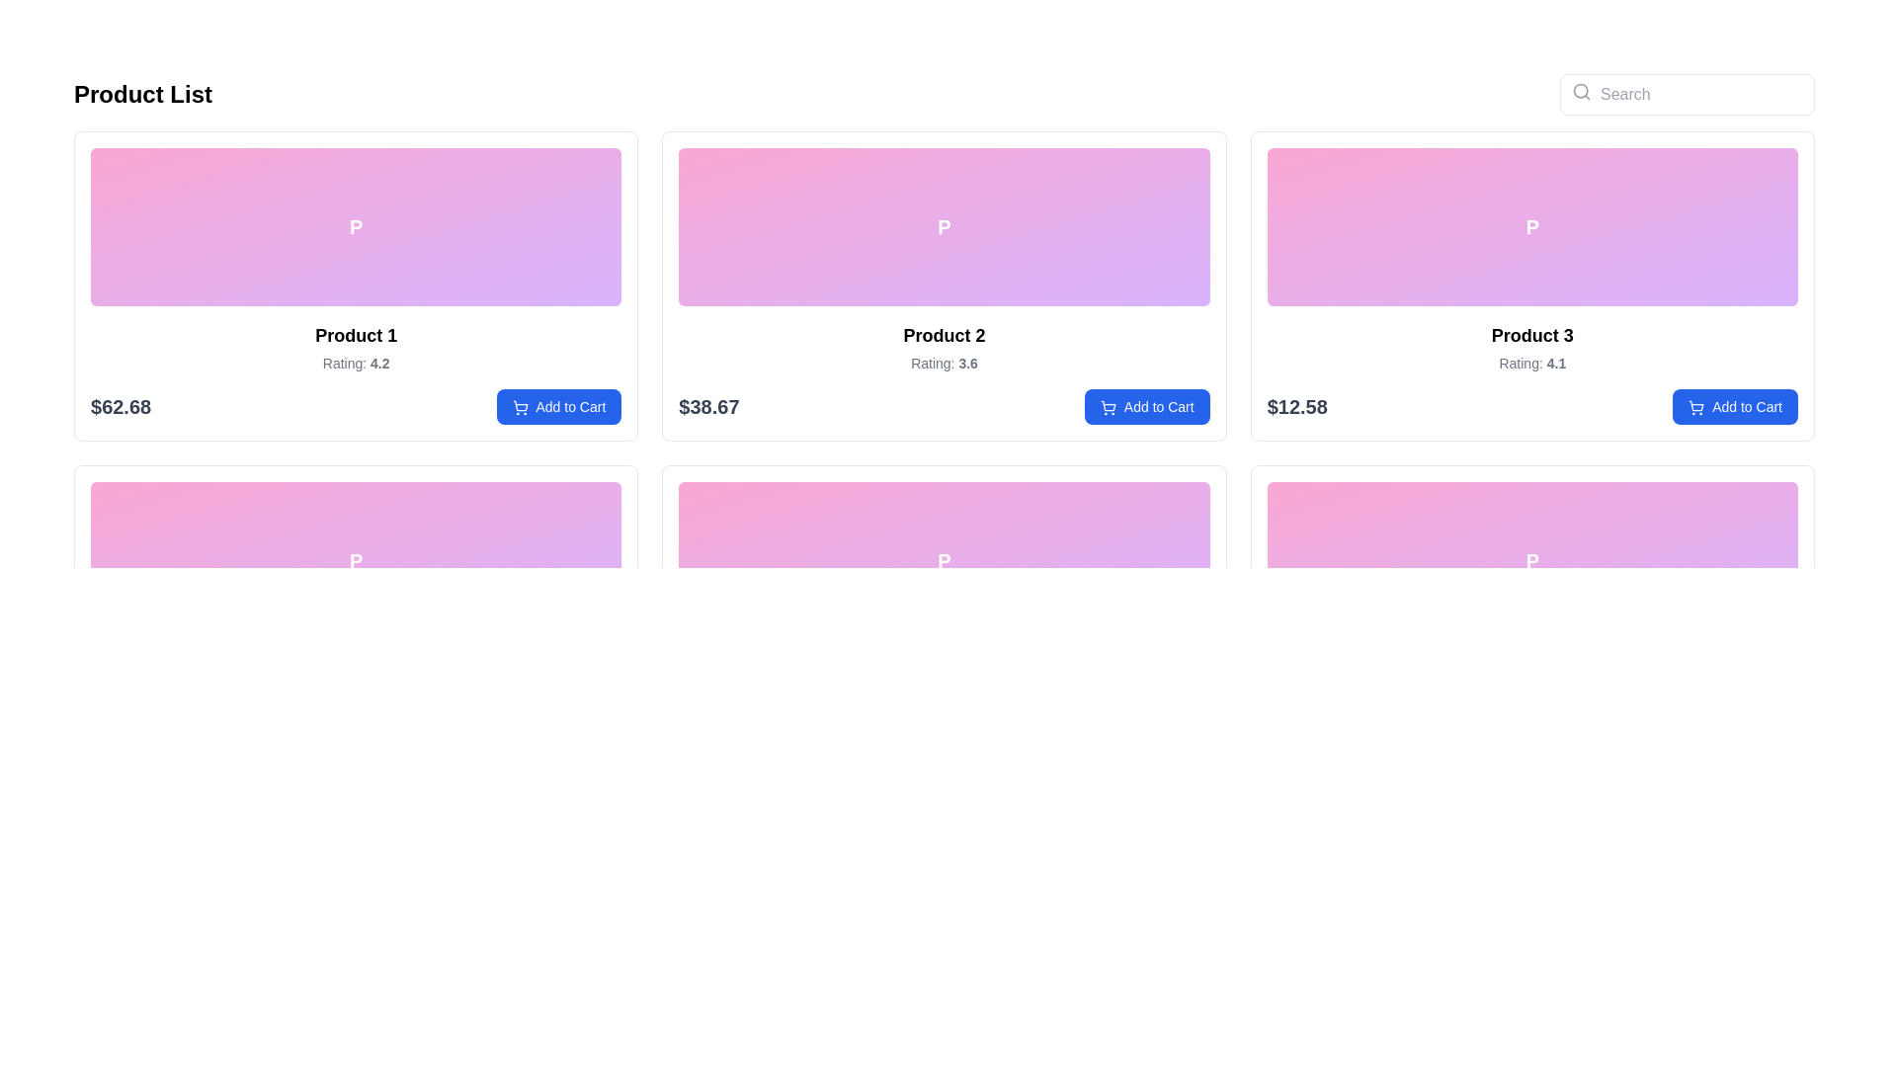 The width and height of the screenshot is (1897, 1067). I want to click on the central circle of the magnifying glass icon located at the top right corner of the interface, so click(1581, 91).